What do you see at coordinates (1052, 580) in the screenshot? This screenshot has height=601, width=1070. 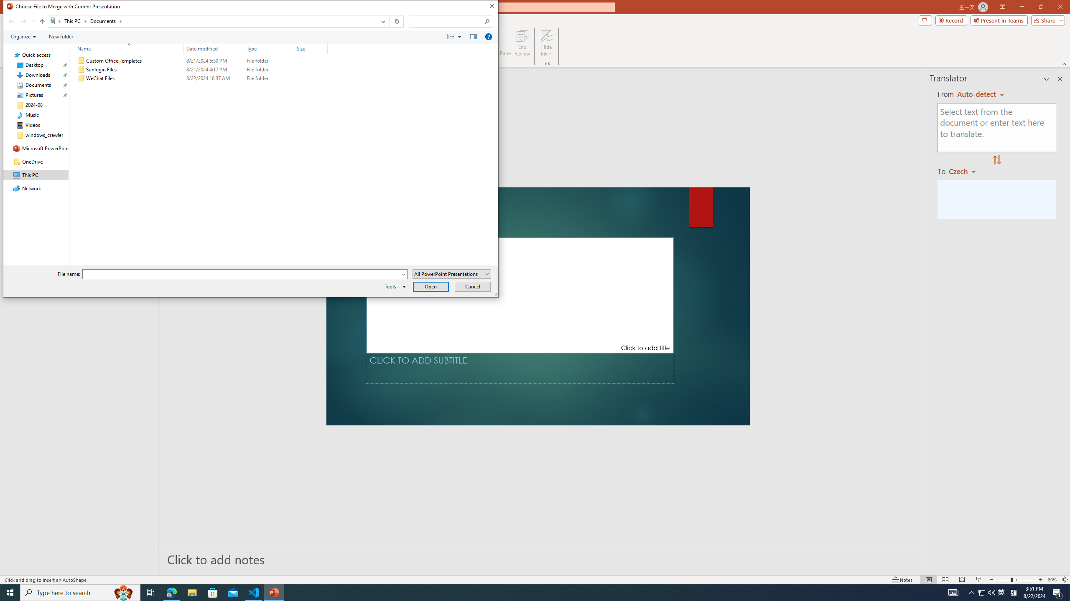 I see `'Zoom 80%'` at bounding box center [1052, 580].